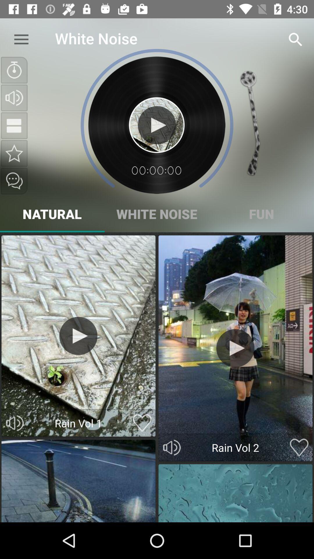 The width and height of the screenshot is (314, 559). Describe the element at coordinates (14, 125) in the screenshot. I see `the national_flag icon` at that location.